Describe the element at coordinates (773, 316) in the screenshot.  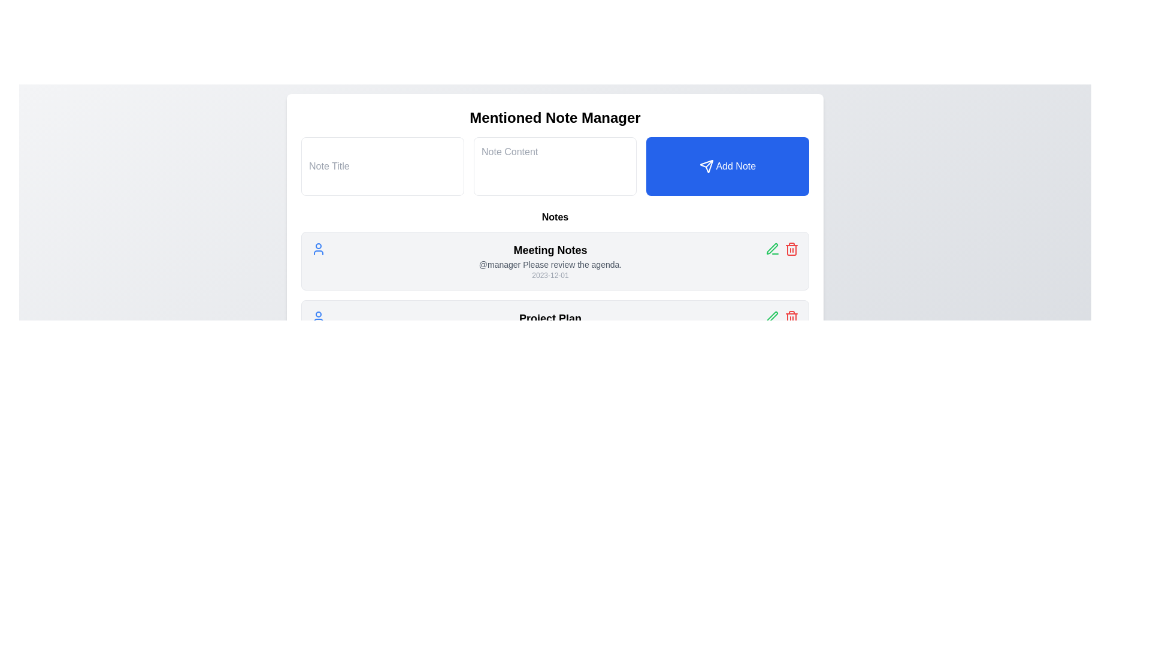
I see `the Icon button that opens the editing interface for the 'Project Plan' note item to change its color` at that location.